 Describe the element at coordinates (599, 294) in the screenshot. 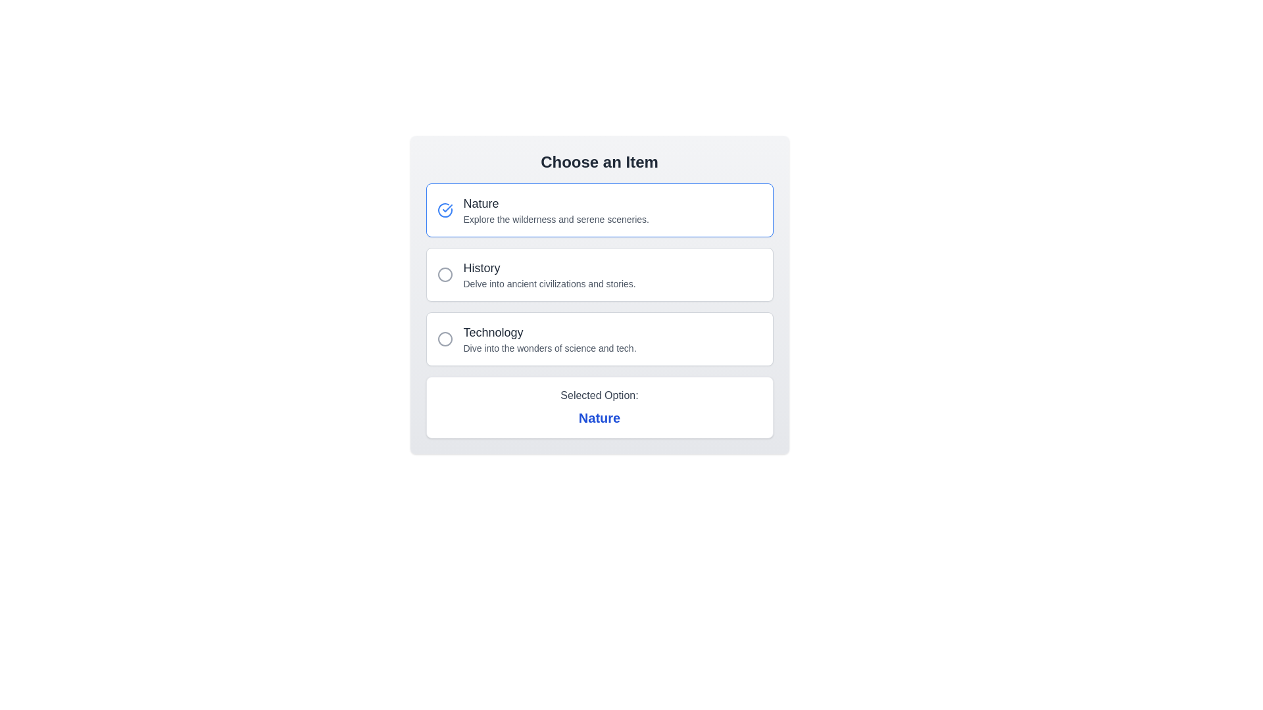

I see `the 'History' interactive card option, which is a white card with a light border and contains the text 'History' in bold` at that location.